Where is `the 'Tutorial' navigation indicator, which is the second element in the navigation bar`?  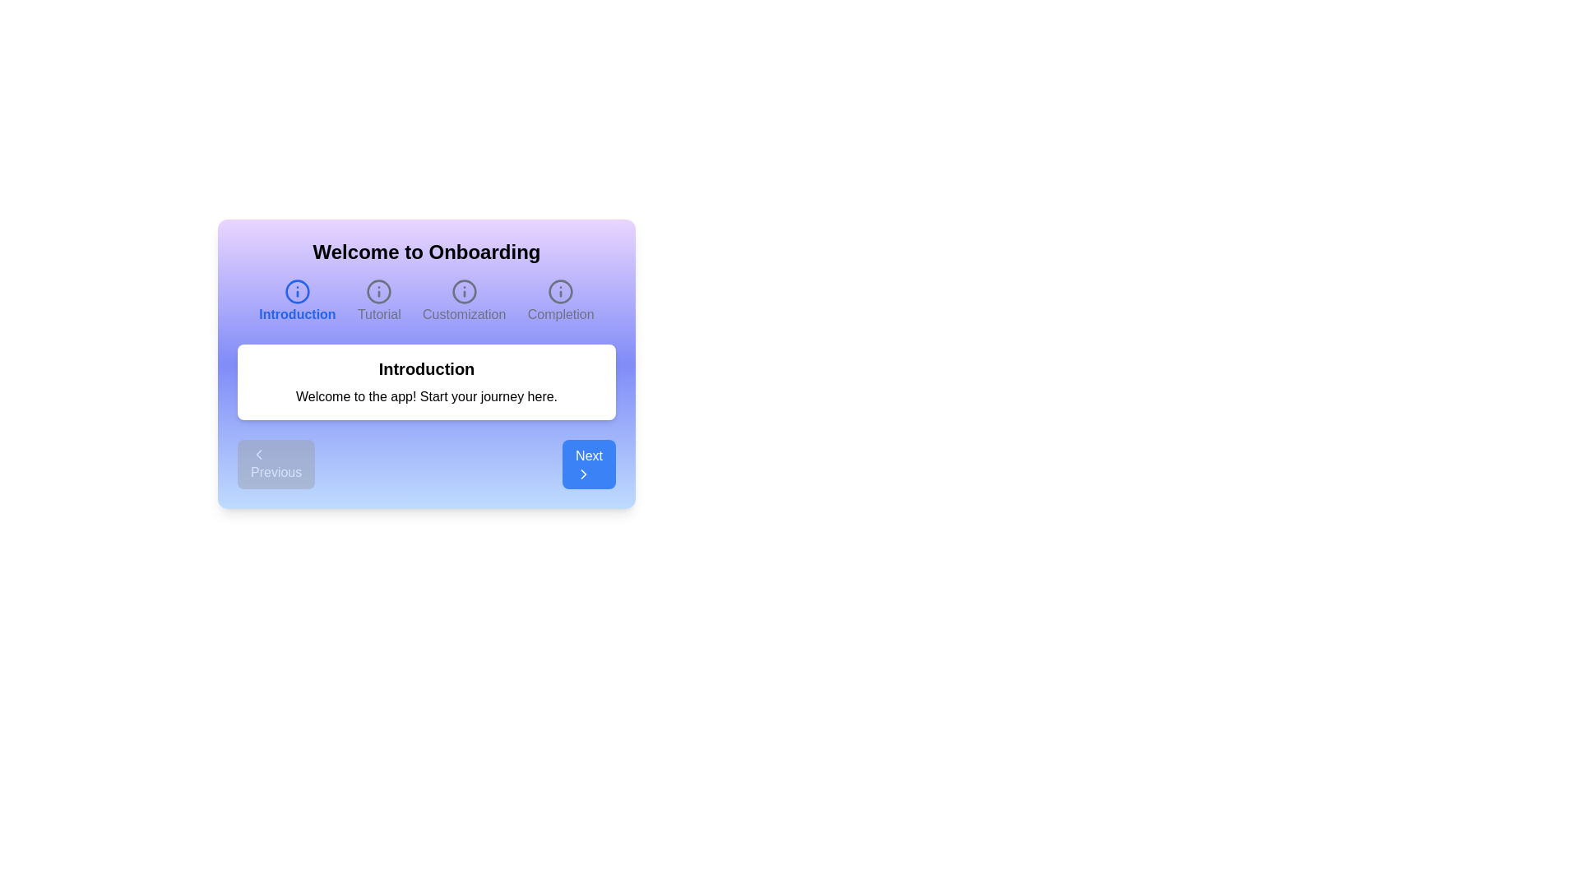 the 'Tutorial' navigation indicator, which is the second element in the navigation bar is located at coordinates (378, 301).